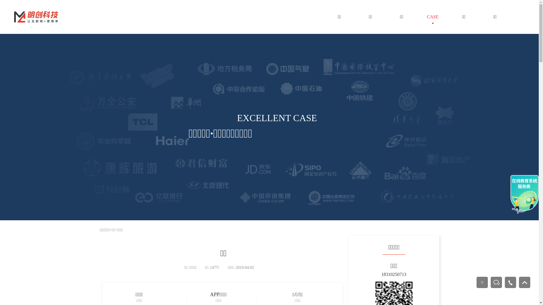 Image resolution: width=543 pixels, height=305 pixels. What do you see at coordinates (432, 17) in the screenshot?
I see `'CASE'` at bounding box center [432, 17].